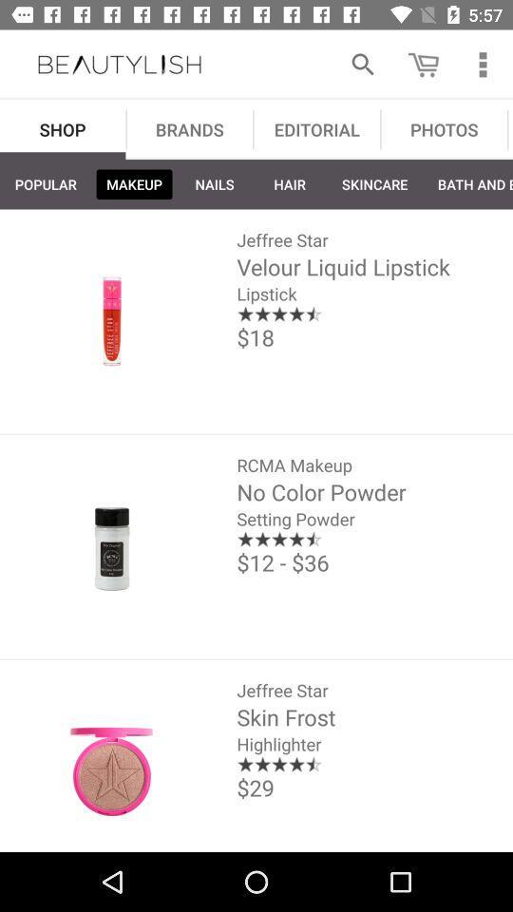 The image size is (513, 912). Describe the element at coordinates (466, 184) in the screenshot. I see `bath and` at that location.